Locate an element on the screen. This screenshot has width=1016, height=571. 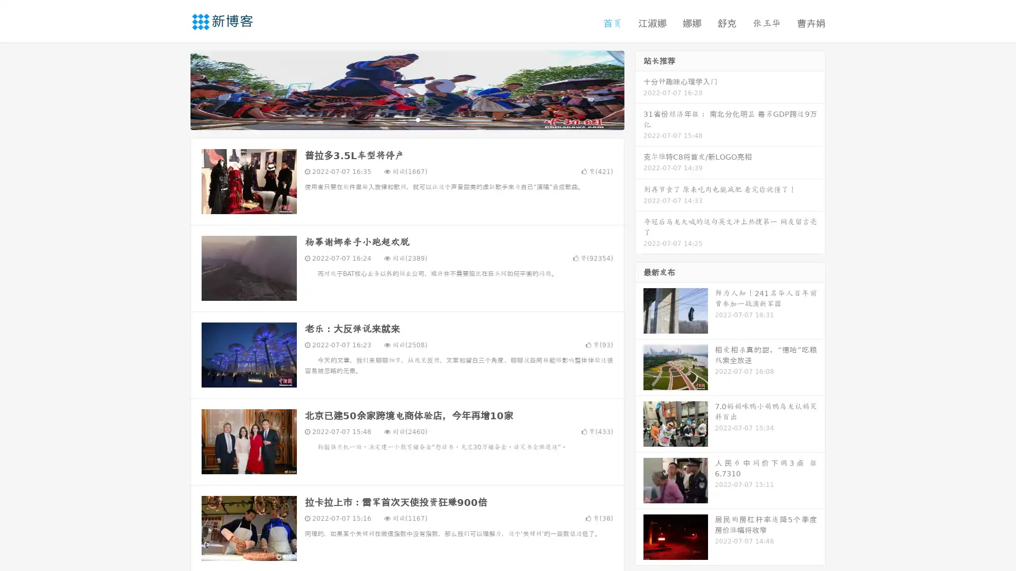
Go to slide 2 is located at coordinates (406, 119).